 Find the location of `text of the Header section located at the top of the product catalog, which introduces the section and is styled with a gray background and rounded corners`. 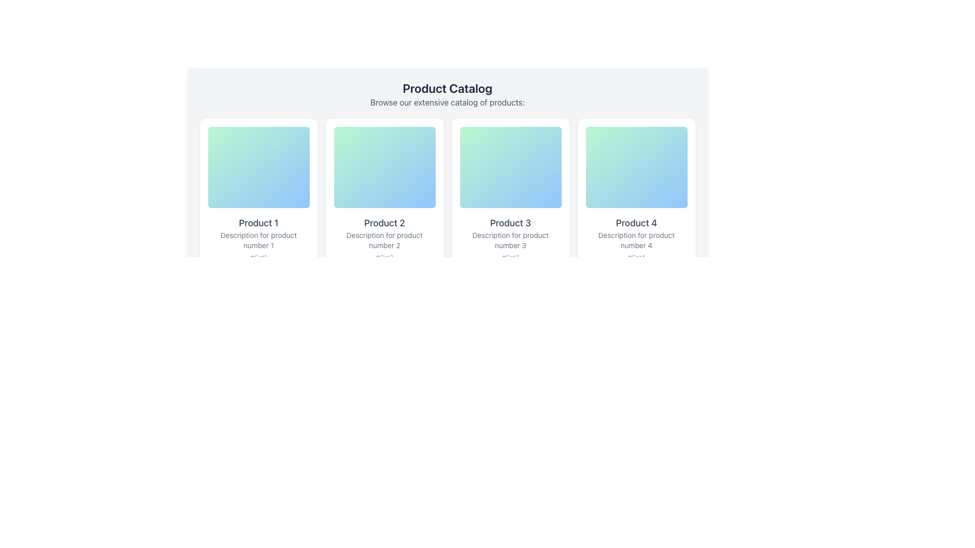

text of the Header section located at the top of the product catalog, which introduces the section and is styled with a gray background and rounded corners is located at coordinates (447, 94).